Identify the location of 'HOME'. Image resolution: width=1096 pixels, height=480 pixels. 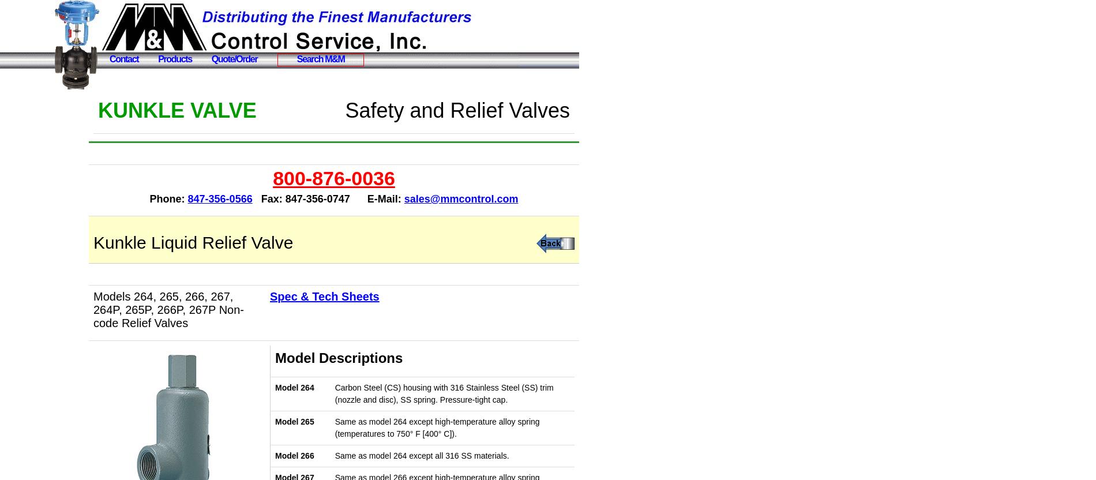
(31, 99).